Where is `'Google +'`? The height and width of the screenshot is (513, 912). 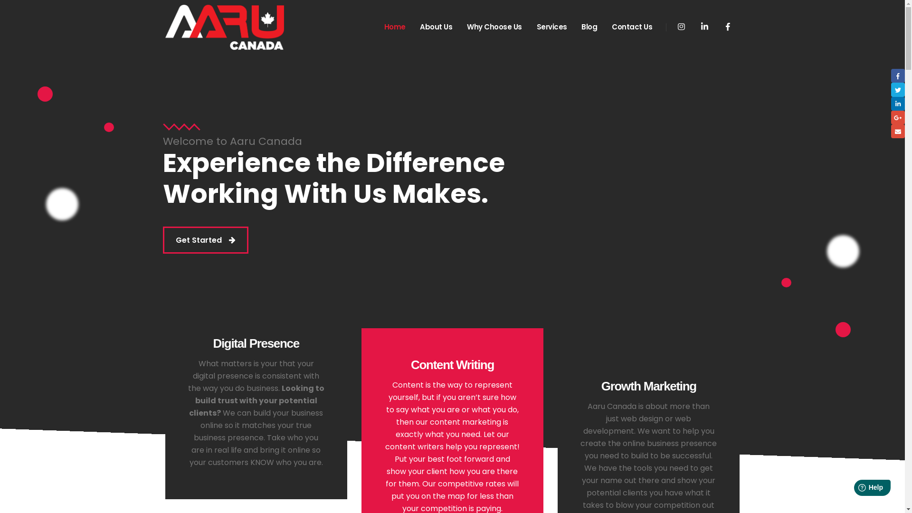 'Google +' is located at coordinates (891, 117).